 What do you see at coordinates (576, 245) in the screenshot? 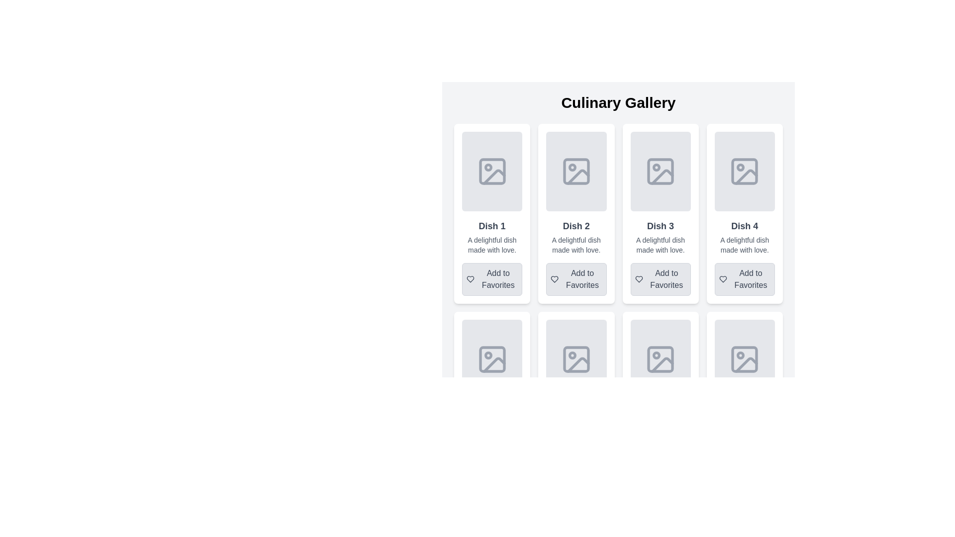
I see `the static text label providing a description for 'Dish 2', located in the grid-view interface under the header 'Dish 2'` at bounding box center [576, 245].